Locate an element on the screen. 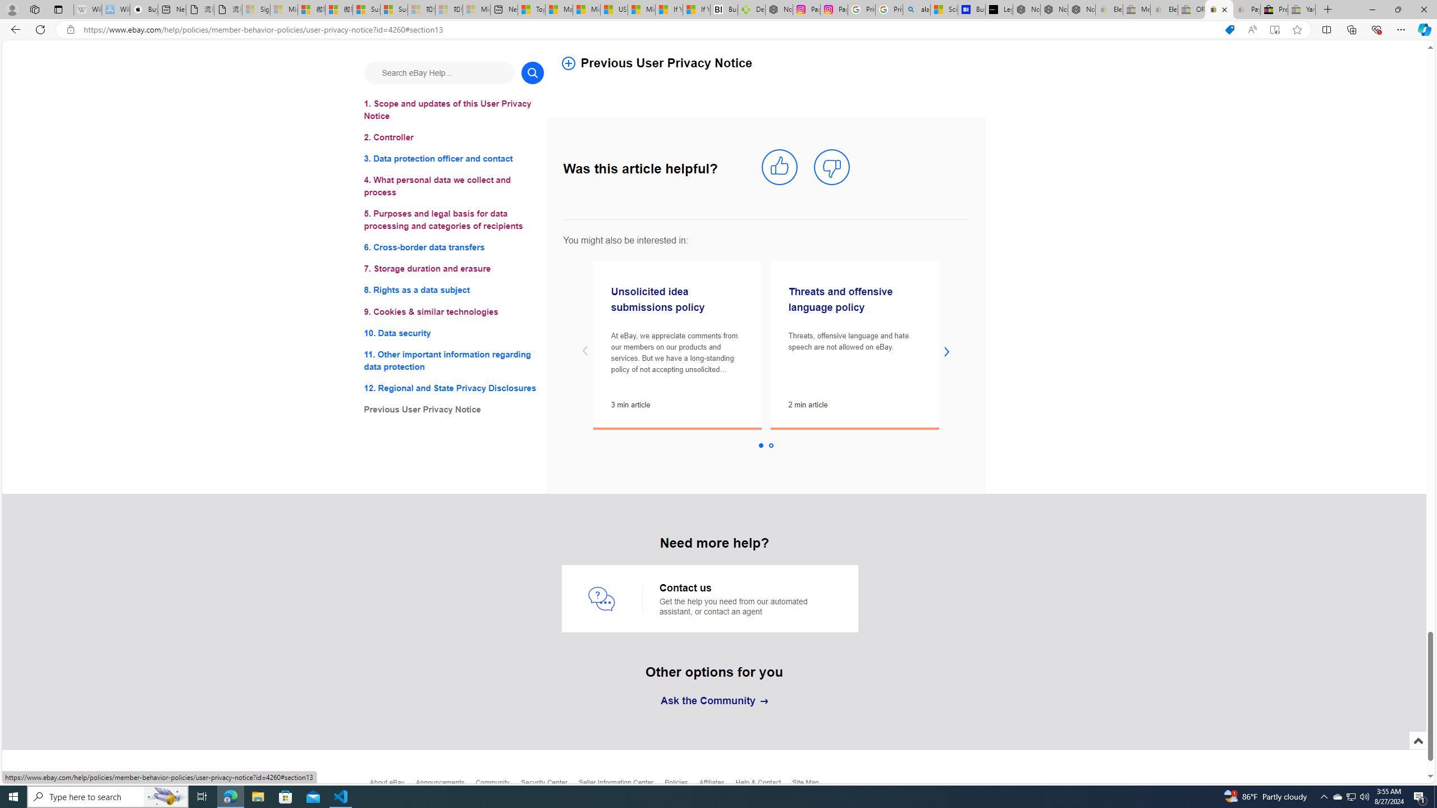  'next slide' is located at coordinates (947, 351).